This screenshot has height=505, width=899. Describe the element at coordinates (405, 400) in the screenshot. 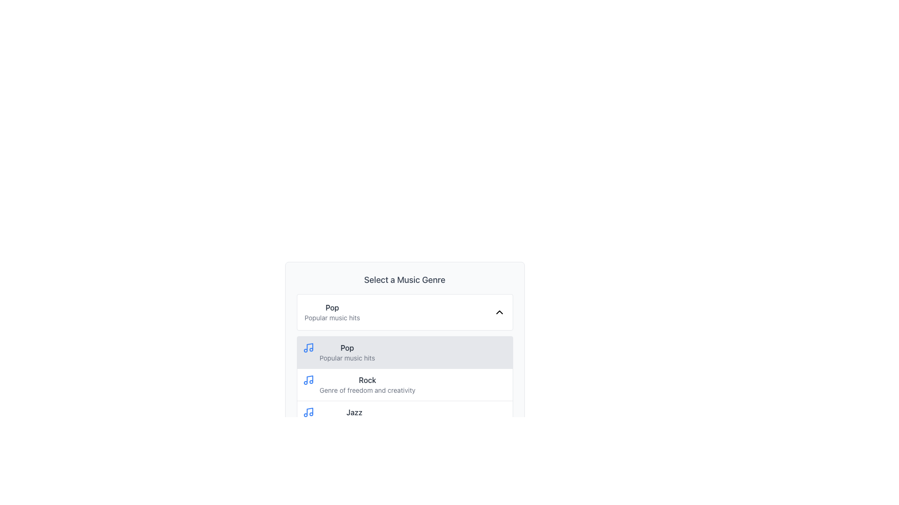

I see `the second genre option in the dropdown list for music genres, which is located below 'Pop' and above 'Jazz'` at that location.